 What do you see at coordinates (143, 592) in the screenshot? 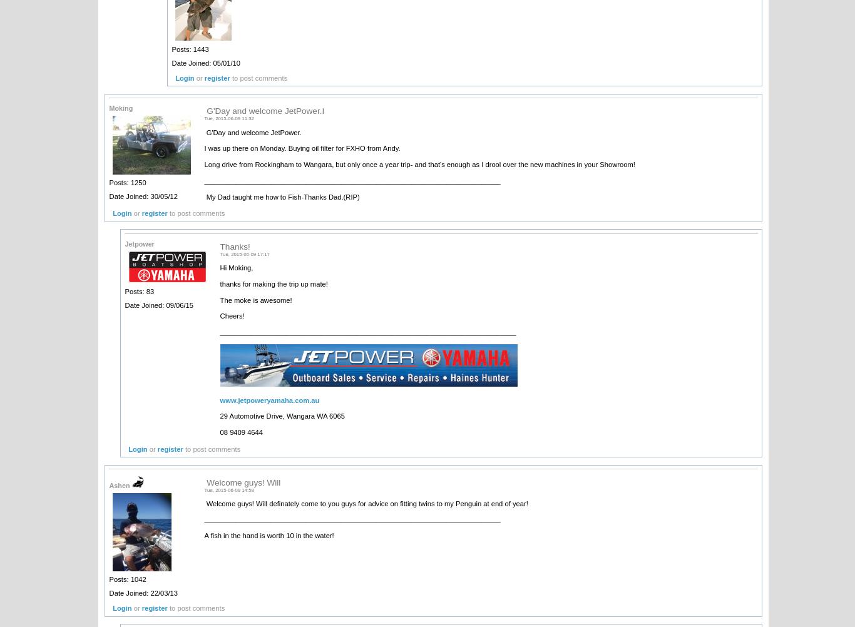
I see `'Date Joined: 22/03/13'` at bounding box center [143, 592].